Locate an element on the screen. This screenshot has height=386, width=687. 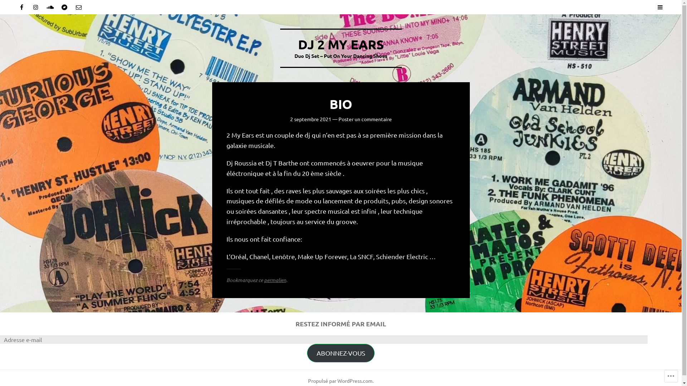
'BIO' is located at coordinates (340, 104).